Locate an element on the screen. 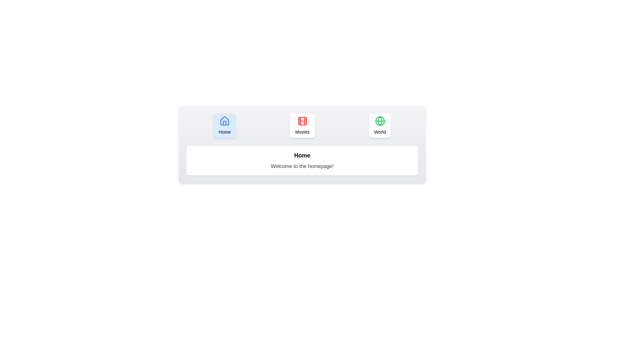 The height and width of the screenshot is (347, 618). the tab labeled Movies to view its content is located at coordinates (302, 125).